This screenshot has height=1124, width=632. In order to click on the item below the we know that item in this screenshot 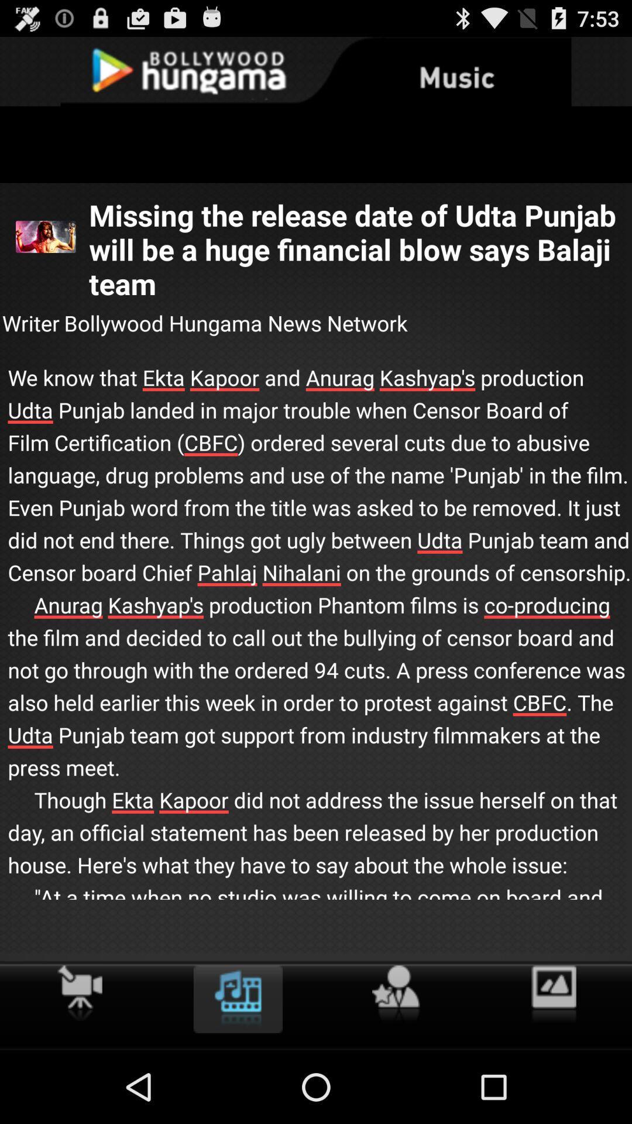, I will do `click(79, 992)`.